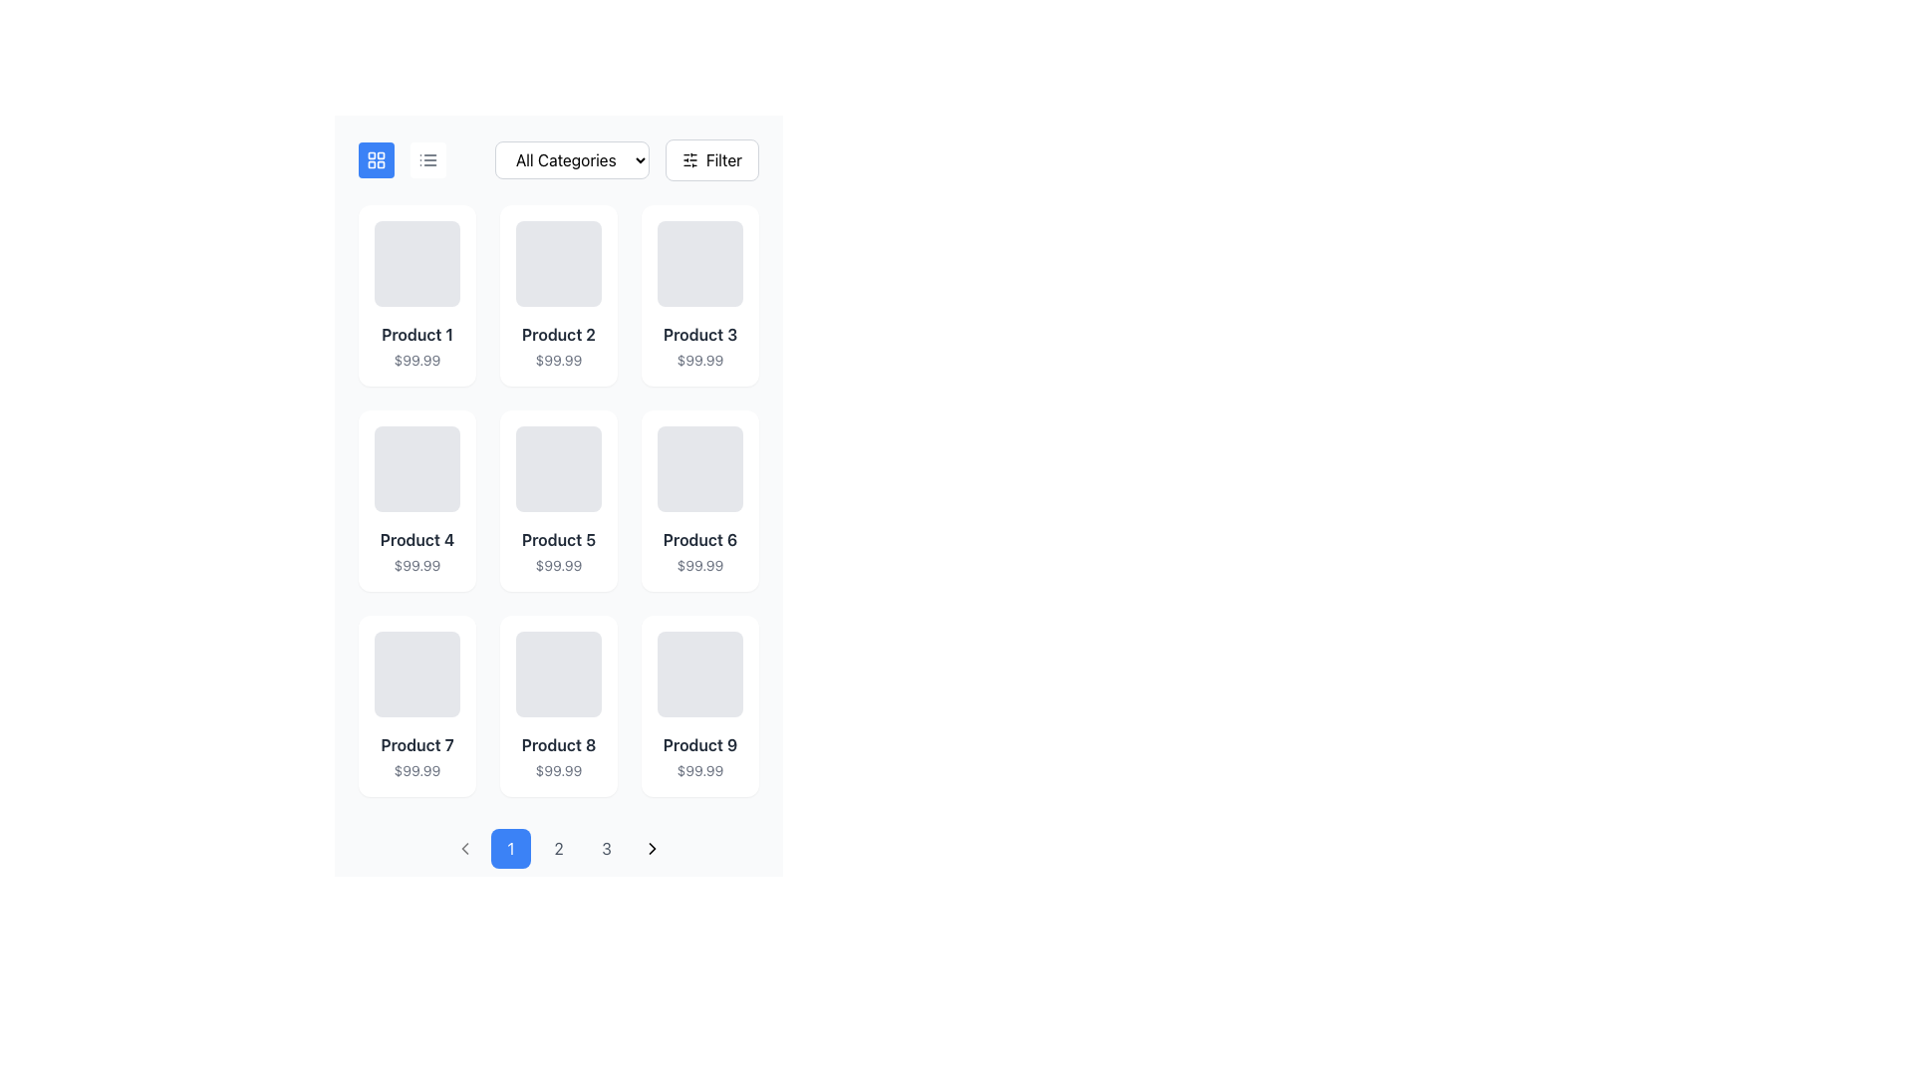 This screenshot has height=1076, width=1913. What do you see at coordinates (699, 540) in the screenshot?
I see `the text label that reads 'Product 6', which is bold and dark gray, positioned above the price label in the sixth product card of a 3x3 grid layout` at bounding box center [699, 540].